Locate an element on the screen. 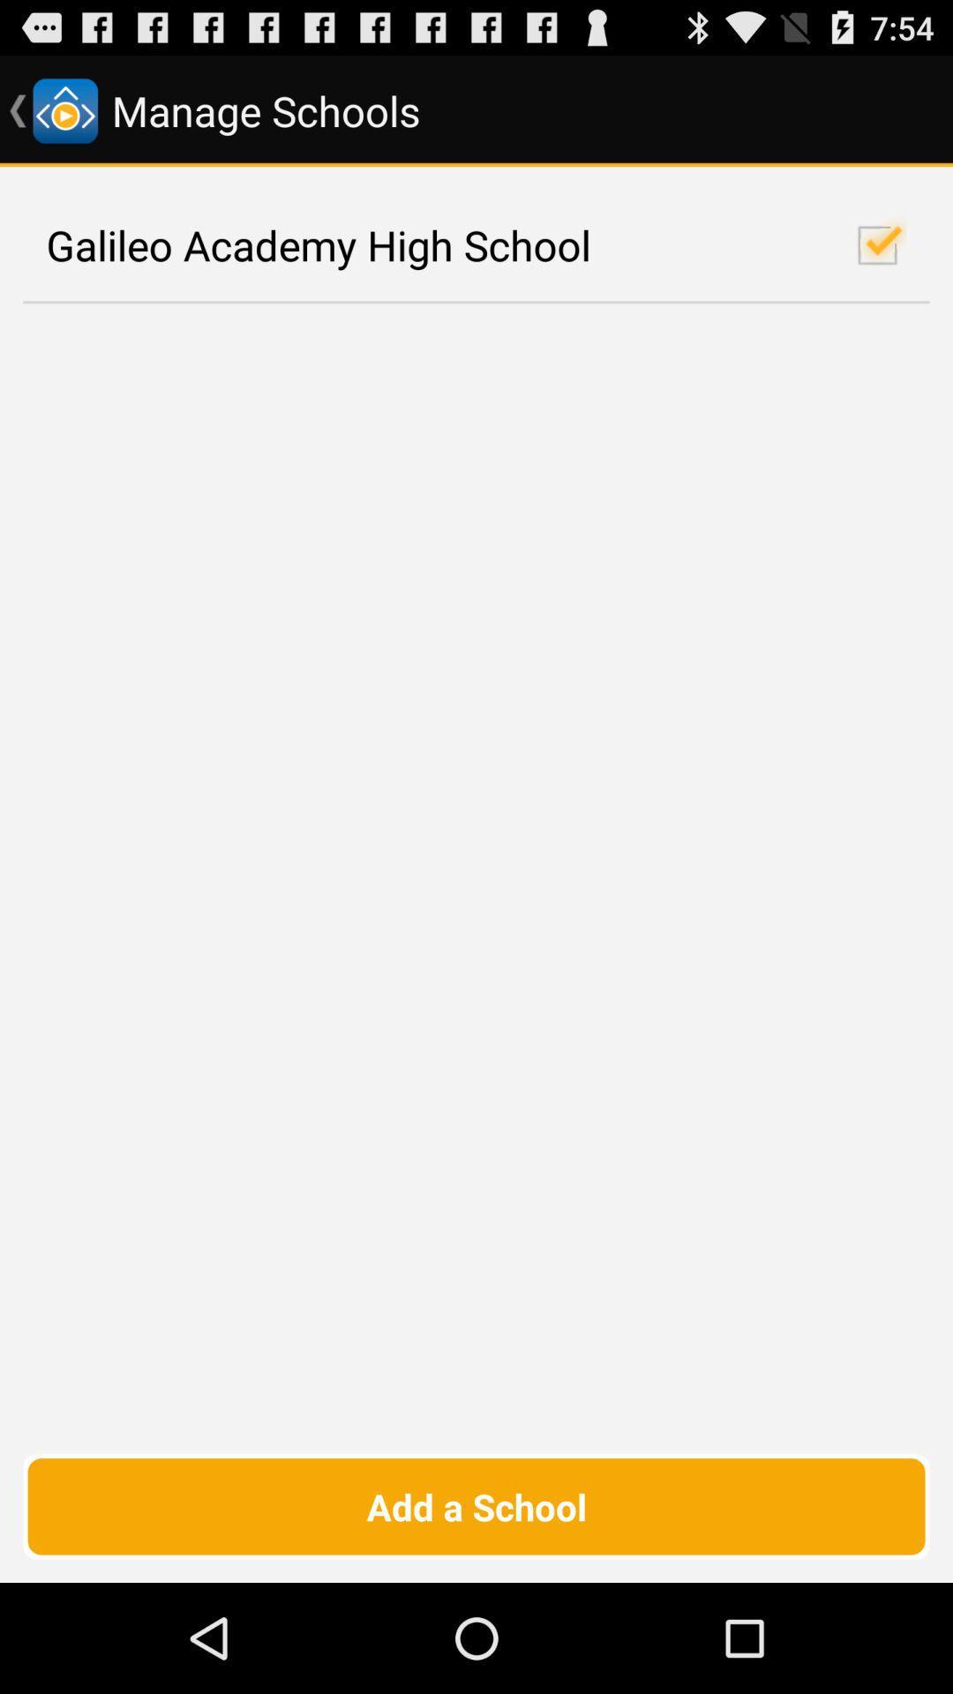 This screenshot has width=953, height=1694. the icon at the bottom is located at coordinates (476, 1505).